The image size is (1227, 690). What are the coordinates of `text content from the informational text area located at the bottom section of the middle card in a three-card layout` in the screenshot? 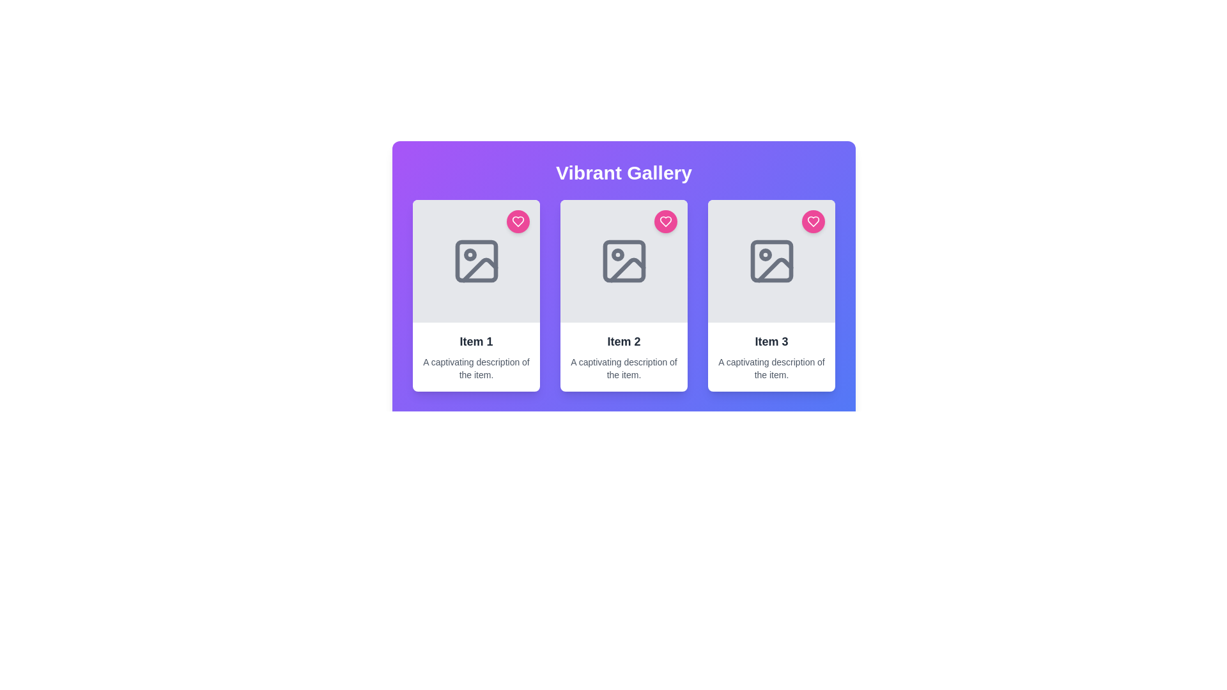 It's located at (624, 357).